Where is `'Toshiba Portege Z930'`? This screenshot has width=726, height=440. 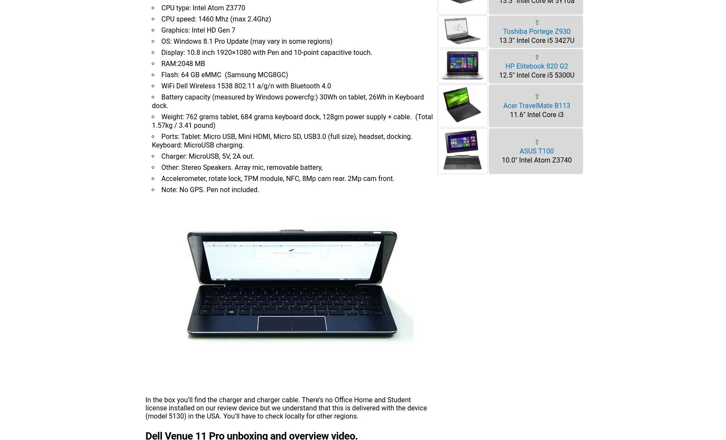
'Toshiba Portege Z930' is located at coordinates (536, 31).